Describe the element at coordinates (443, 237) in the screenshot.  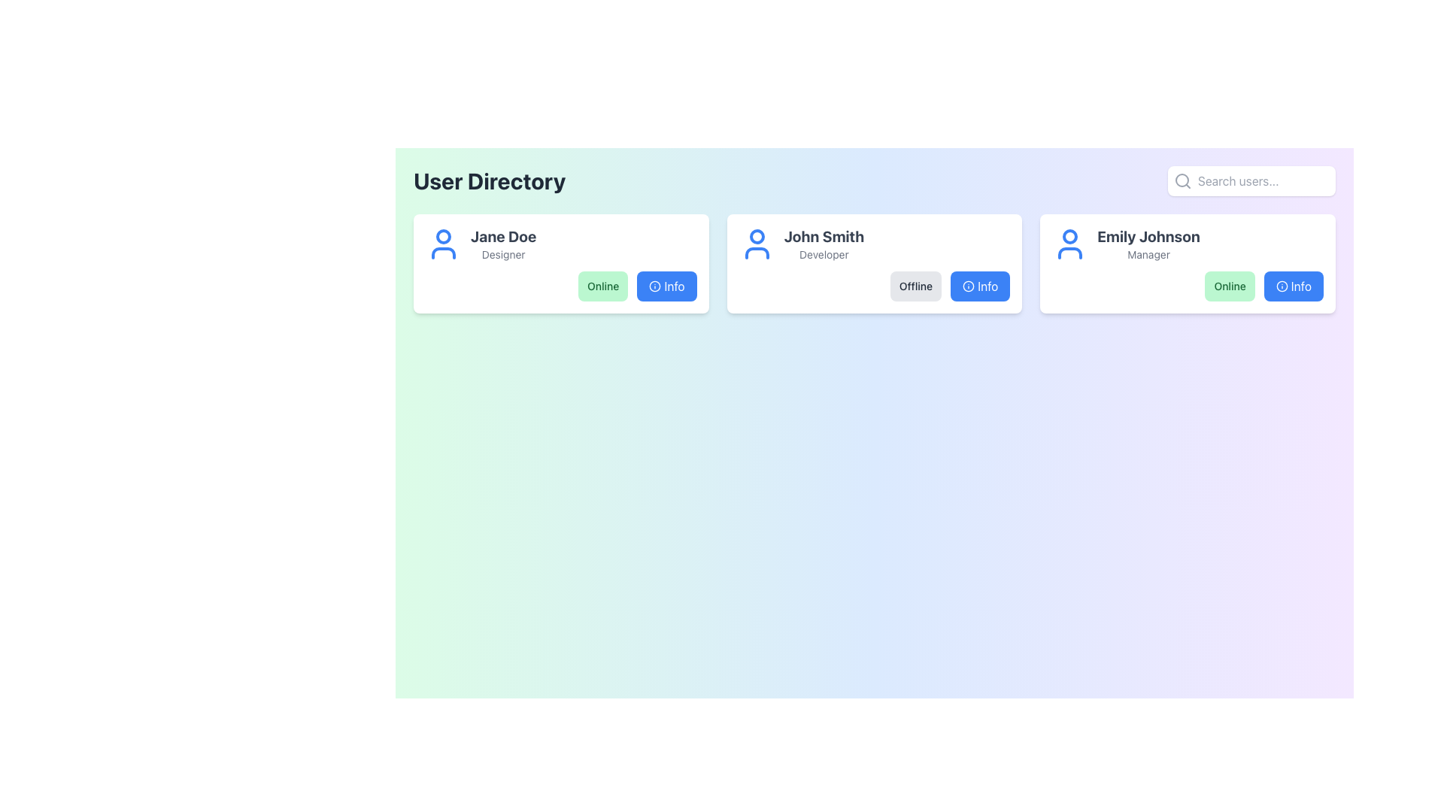
I see `the SVG Circle representing the user icon located at the top center of the user card in the User Directory interface` at that location.